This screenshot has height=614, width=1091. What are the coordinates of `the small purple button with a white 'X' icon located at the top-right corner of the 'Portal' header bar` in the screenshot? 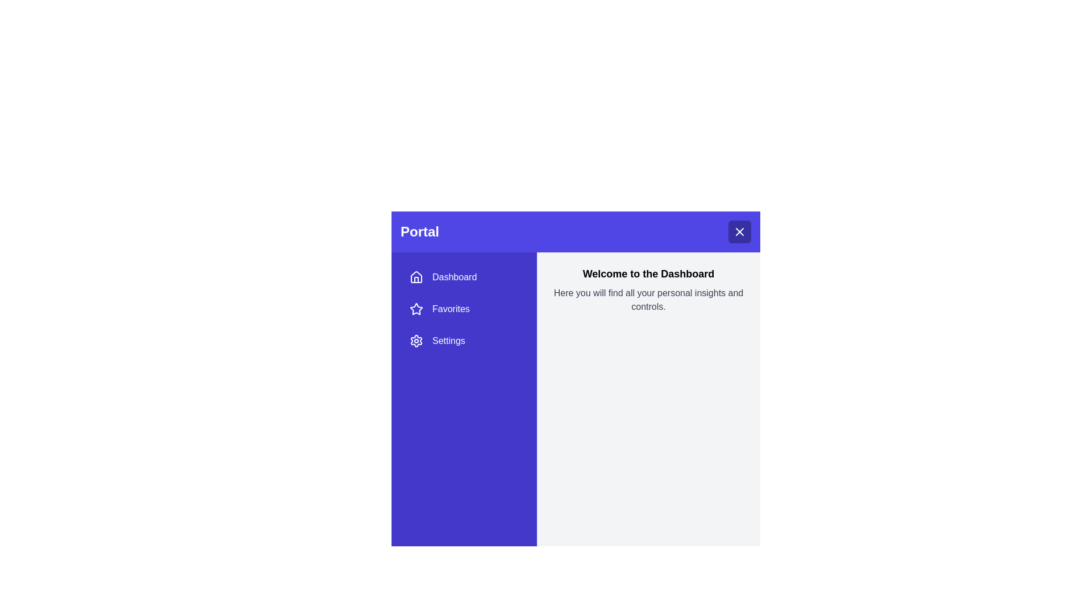 It's located at (739, 231).